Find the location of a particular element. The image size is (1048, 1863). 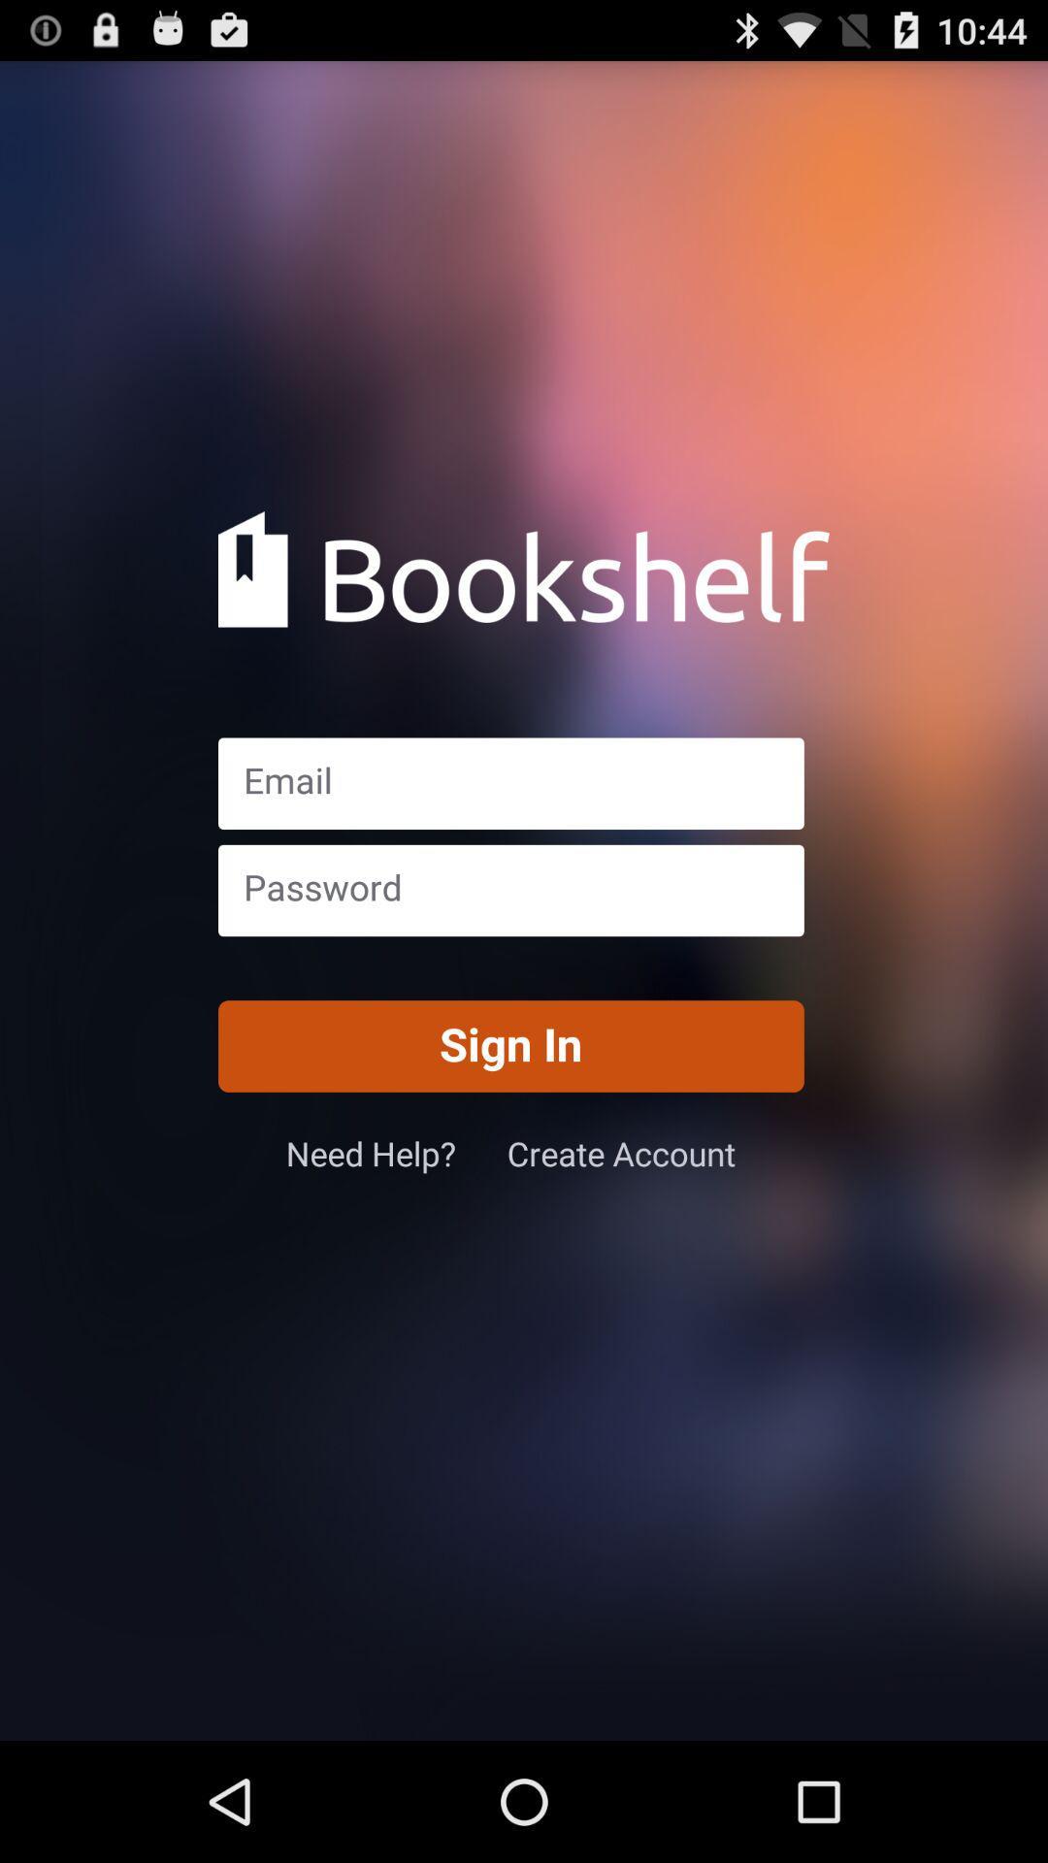

icon above need help? button is located at coordinates (509, 1045).